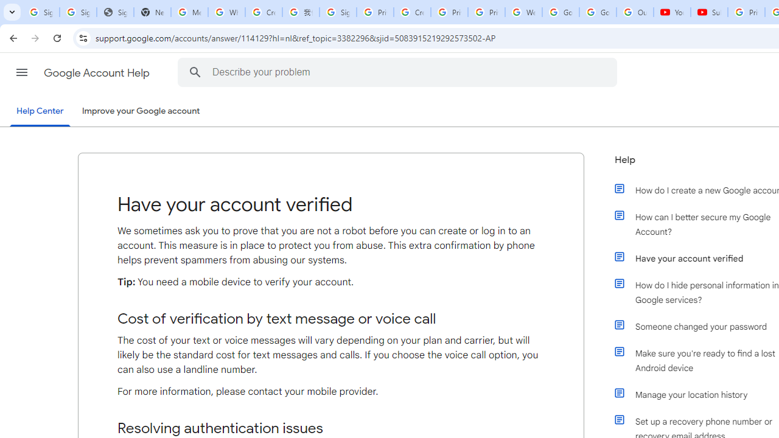 This screenshot has width=779, height=438. I want to click on 'Sign In - USA TODAY', so click(115, 12).